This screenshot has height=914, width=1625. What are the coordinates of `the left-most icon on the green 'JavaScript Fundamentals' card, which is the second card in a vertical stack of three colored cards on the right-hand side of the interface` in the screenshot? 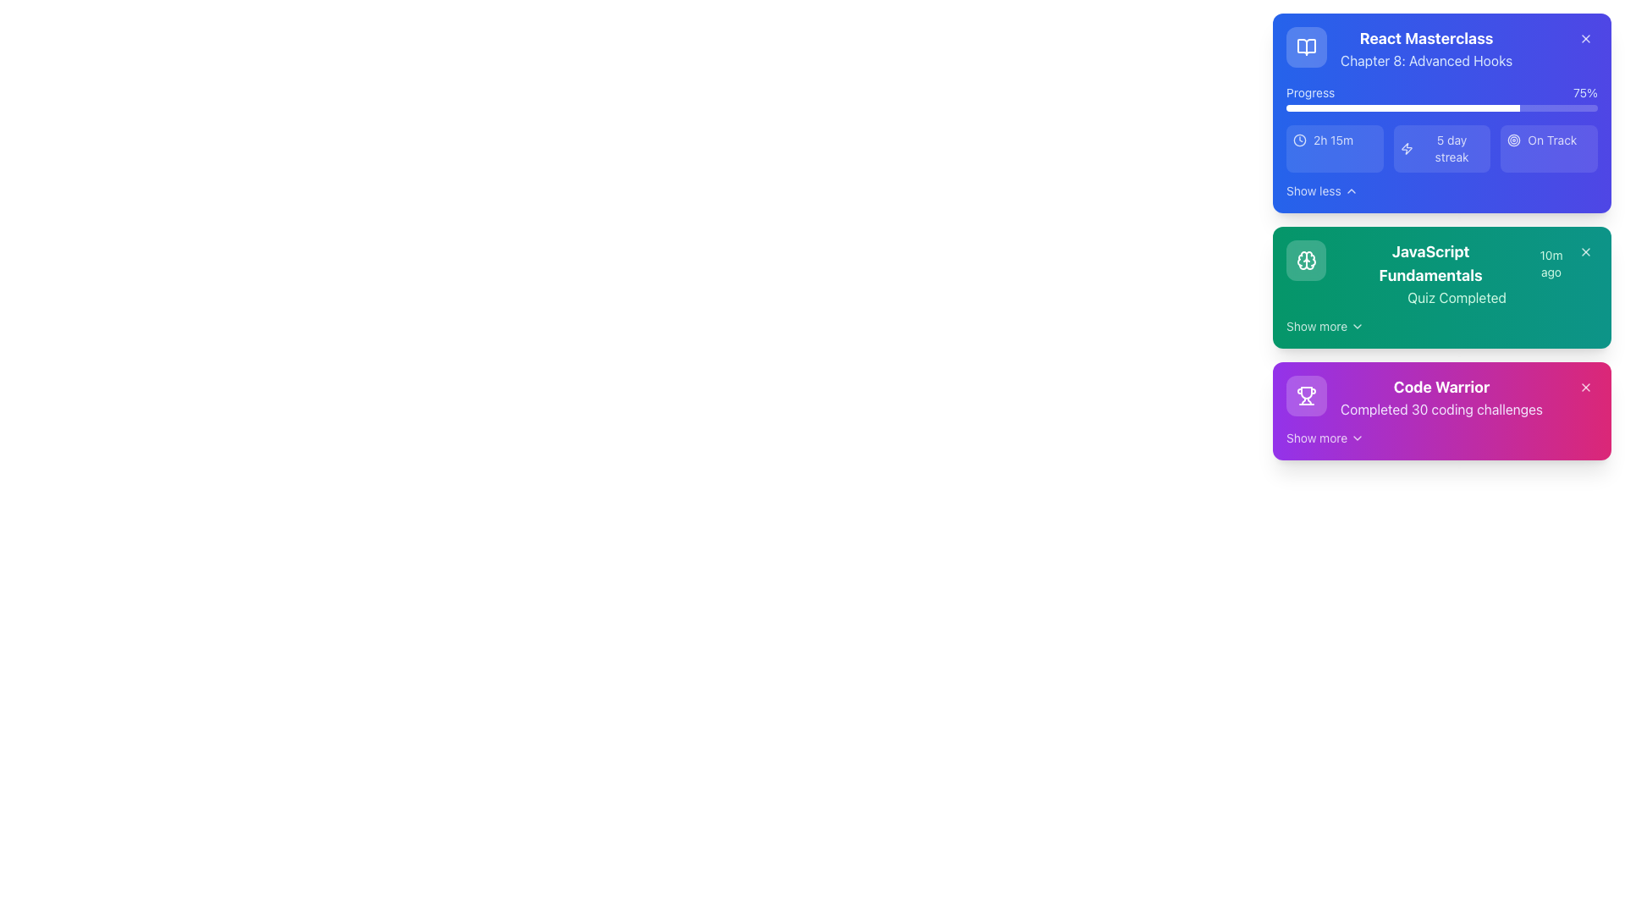 It's located at (1305, 261).